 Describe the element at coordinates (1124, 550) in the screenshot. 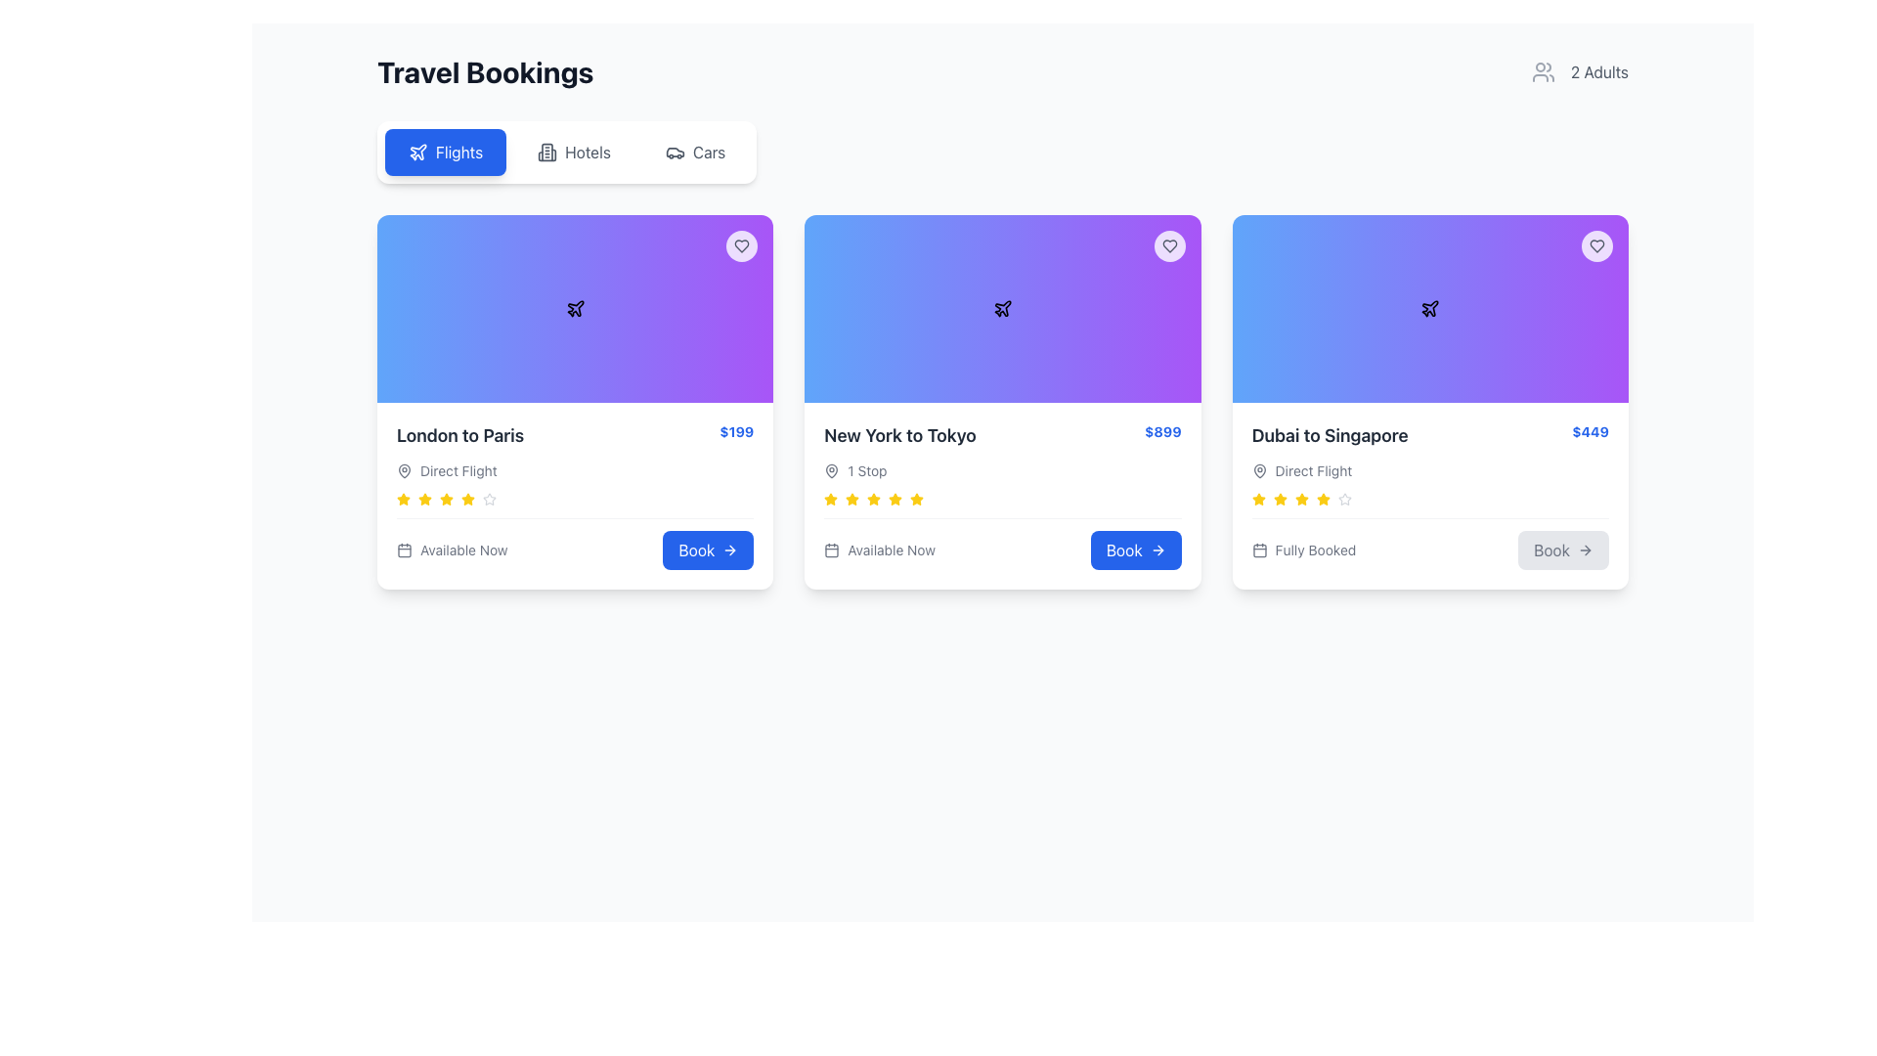

I see `text label 'Book' which is displayed in white color on a blue button with rounded corners located at the bottom-right corner of the card titled 'New York to Tokyo'` at that location.